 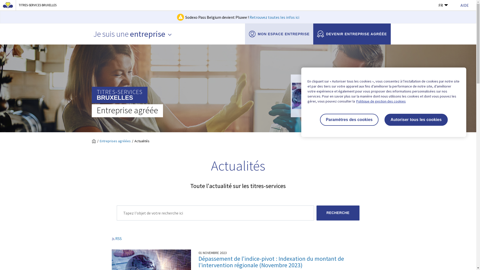 What do you see at coordinates (460, 5) in the screenshot?
I see `'AIDE'` at bounding box center [460, 5].